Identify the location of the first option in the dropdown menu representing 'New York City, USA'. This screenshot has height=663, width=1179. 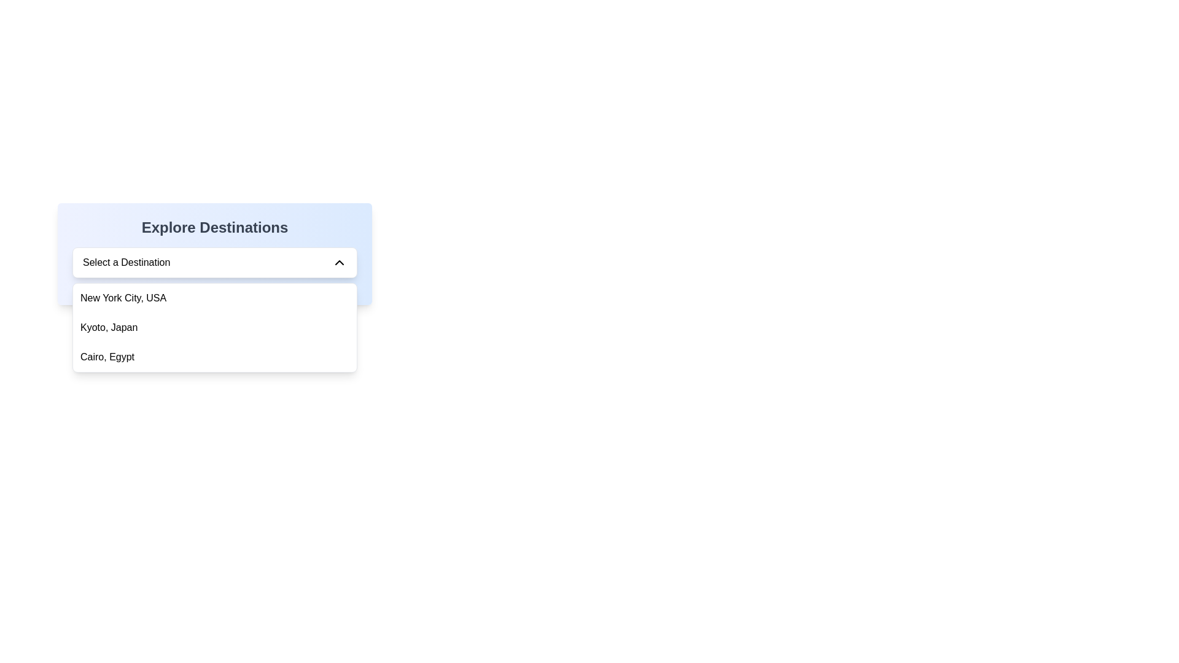
(215, 298).